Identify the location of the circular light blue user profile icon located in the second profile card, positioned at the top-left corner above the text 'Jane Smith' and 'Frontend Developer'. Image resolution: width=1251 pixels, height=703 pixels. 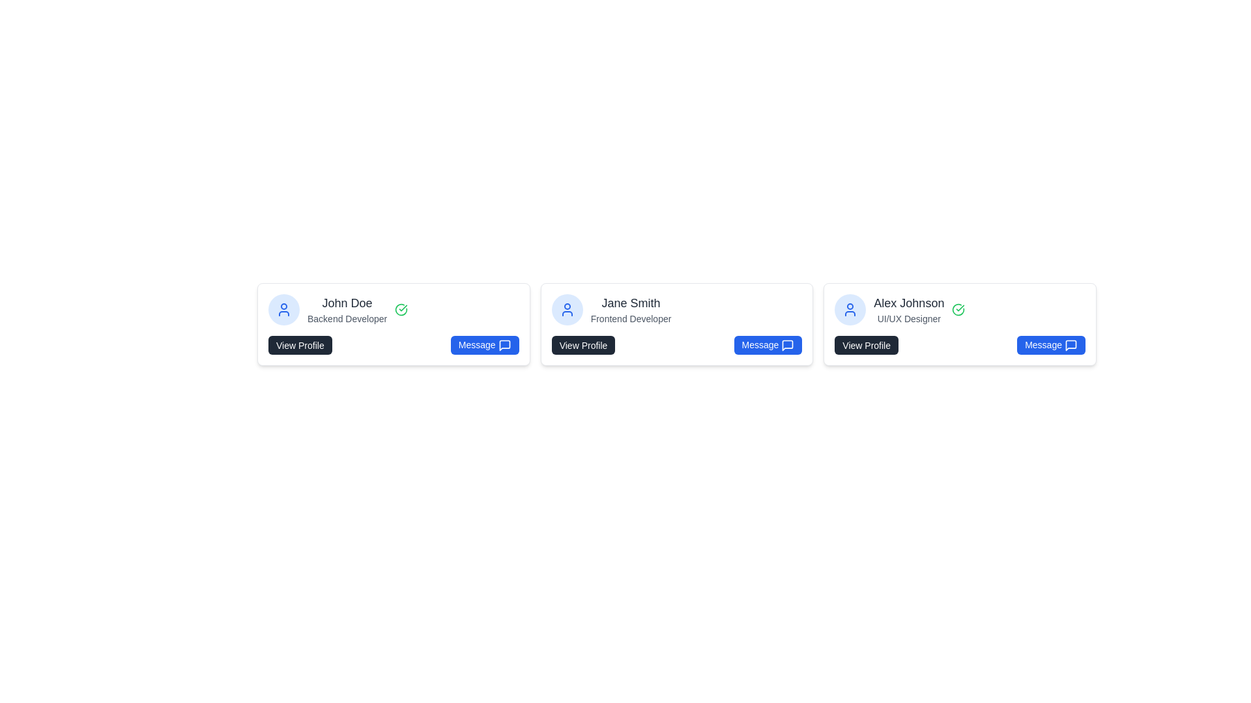
(567, 309).